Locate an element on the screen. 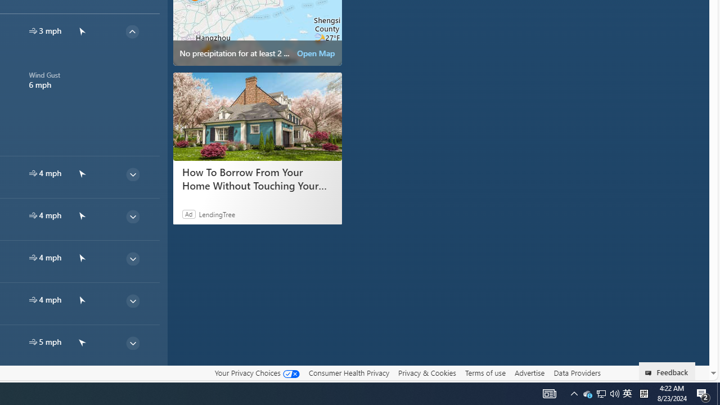 The width and height of the screenshot is (720, 405). 'LendingTree' is located at coordinates (217, 214).